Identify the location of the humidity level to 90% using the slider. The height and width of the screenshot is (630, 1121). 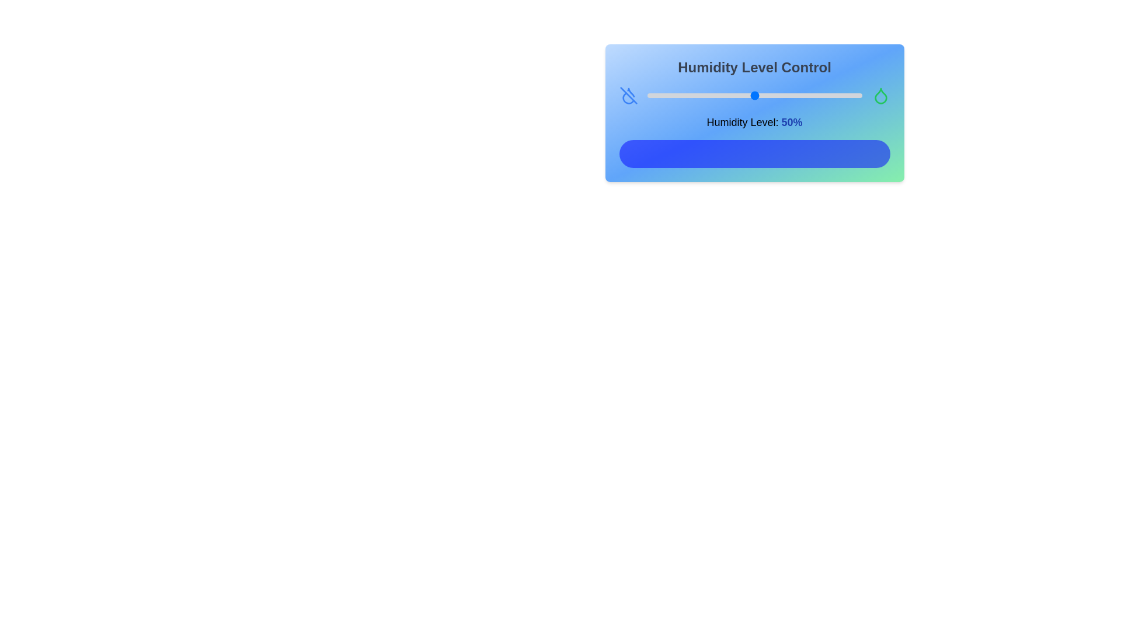
(840, 95).